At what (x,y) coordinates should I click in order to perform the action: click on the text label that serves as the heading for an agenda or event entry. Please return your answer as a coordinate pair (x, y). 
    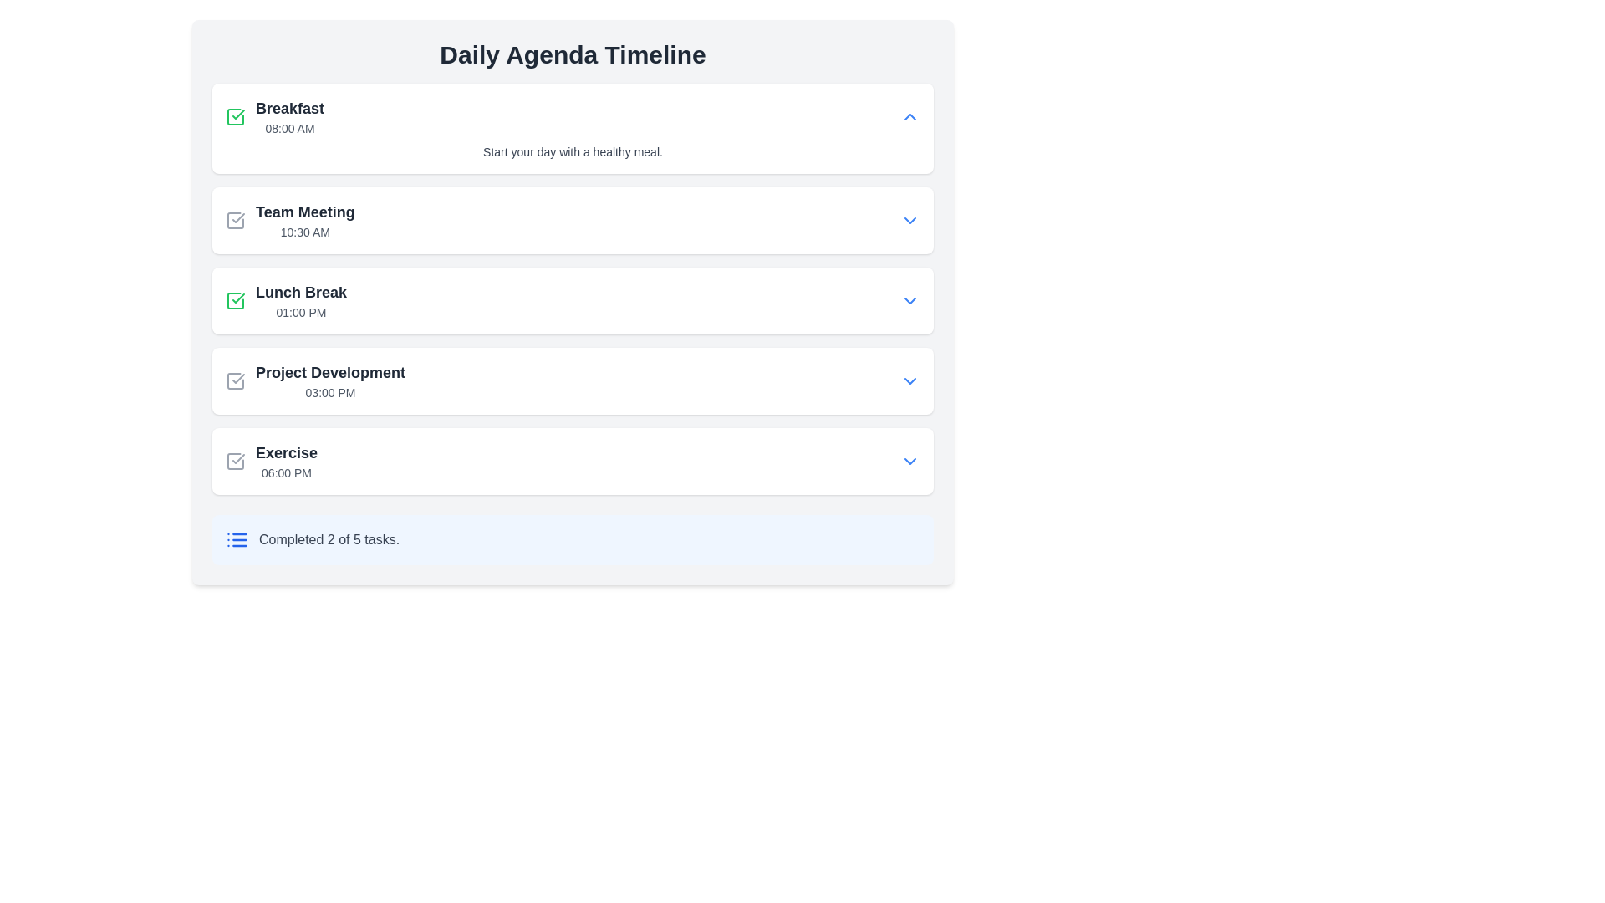
    Looking at the image, I should click on (289, 109).